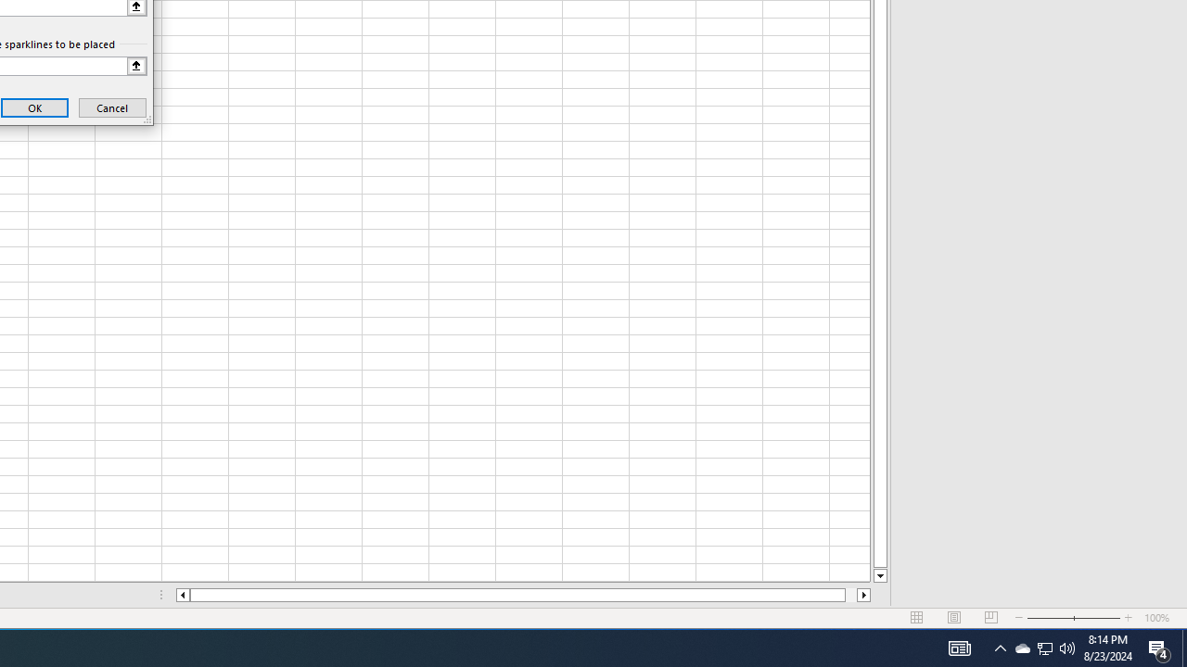 Image resolution: width=1187 pixels, height=667 pixels. What do you see at coordinates (1074, 618) in the screenshot?
I see `'Zoom'` at bounding box center [1074, 618].